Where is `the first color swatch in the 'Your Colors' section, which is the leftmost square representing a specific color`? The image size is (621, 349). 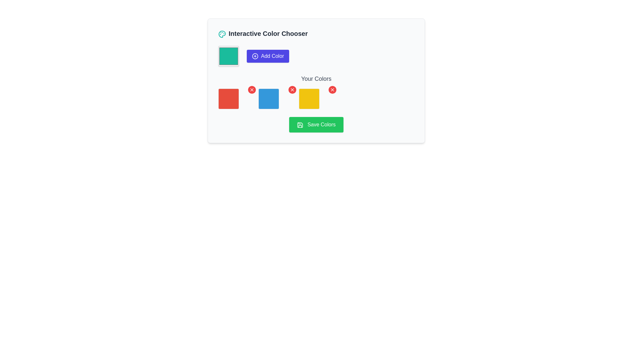
the first color swatch in the 'Your Colors' section, which is the leftmost square representing a specific color is located at coordinates (228, 99).